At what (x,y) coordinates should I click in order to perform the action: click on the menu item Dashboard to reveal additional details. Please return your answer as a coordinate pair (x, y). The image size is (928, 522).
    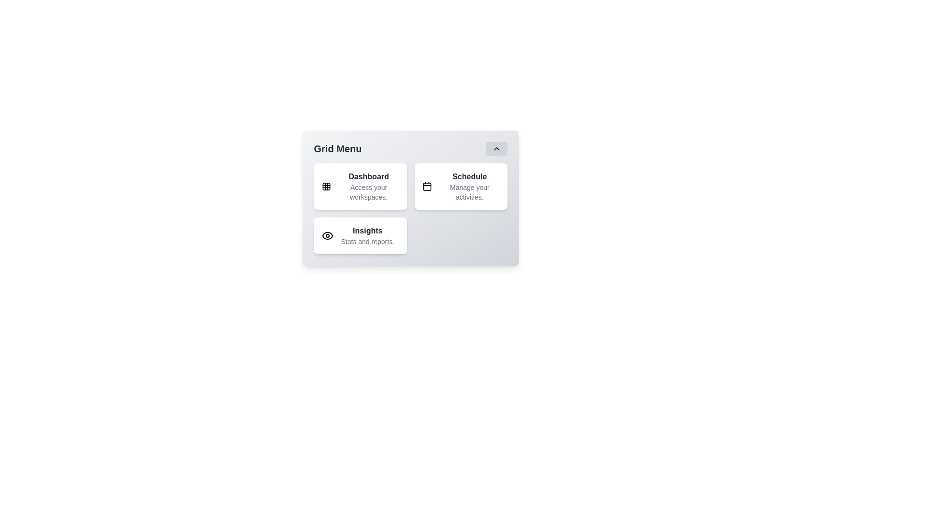
    Looking at the image, I should click on (360, 186).